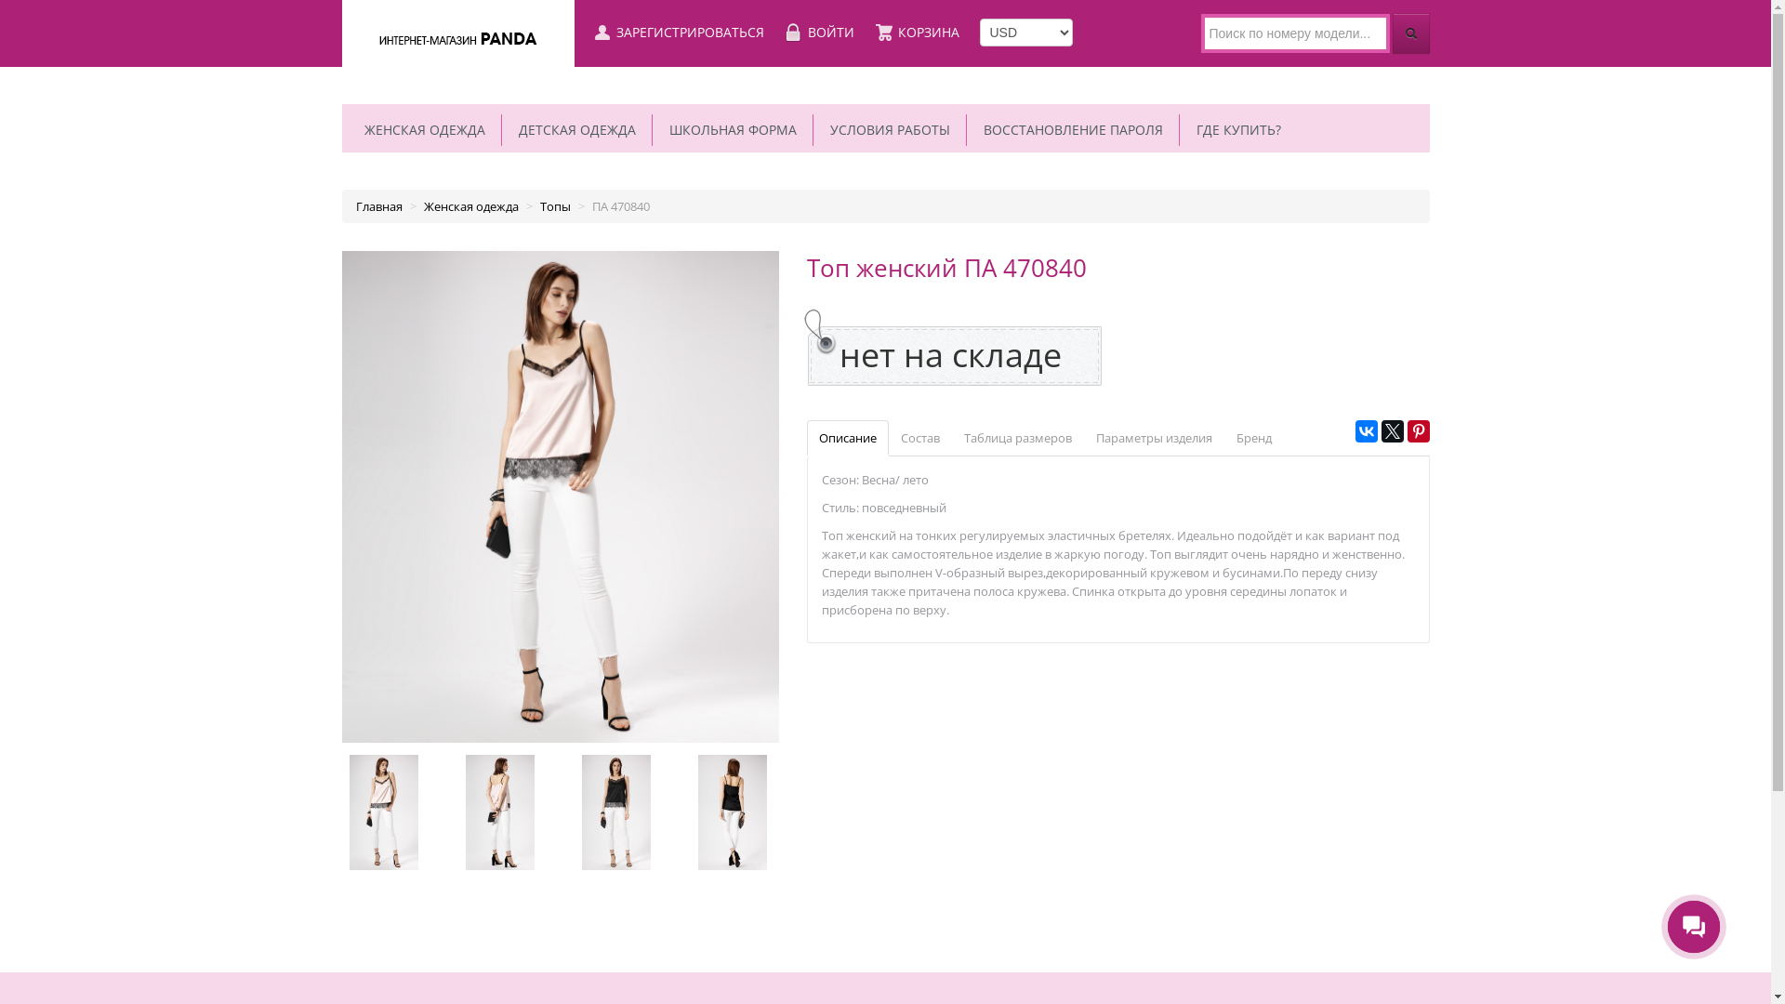  Describe the element at coordinates (1392, 430) in the screenshot. I see `'Twitter'` at that location.